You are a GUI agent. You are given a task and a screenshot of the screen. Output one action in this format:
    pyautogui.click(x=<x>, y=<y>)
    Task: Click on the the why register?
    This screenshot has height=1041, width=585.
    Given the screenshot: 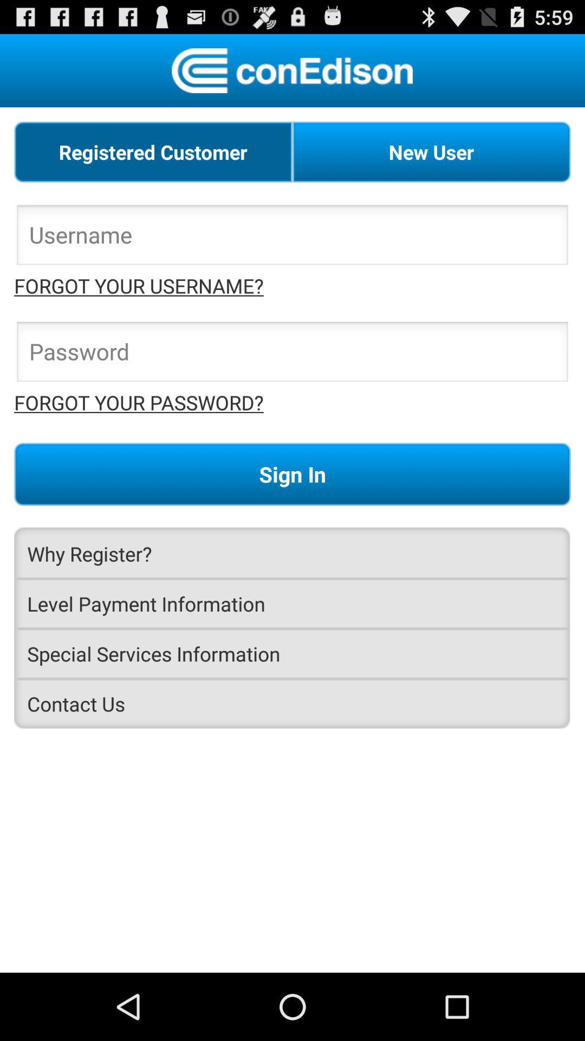 What is the action you would take?
    pyautogui.click(x=292, y=554)
    